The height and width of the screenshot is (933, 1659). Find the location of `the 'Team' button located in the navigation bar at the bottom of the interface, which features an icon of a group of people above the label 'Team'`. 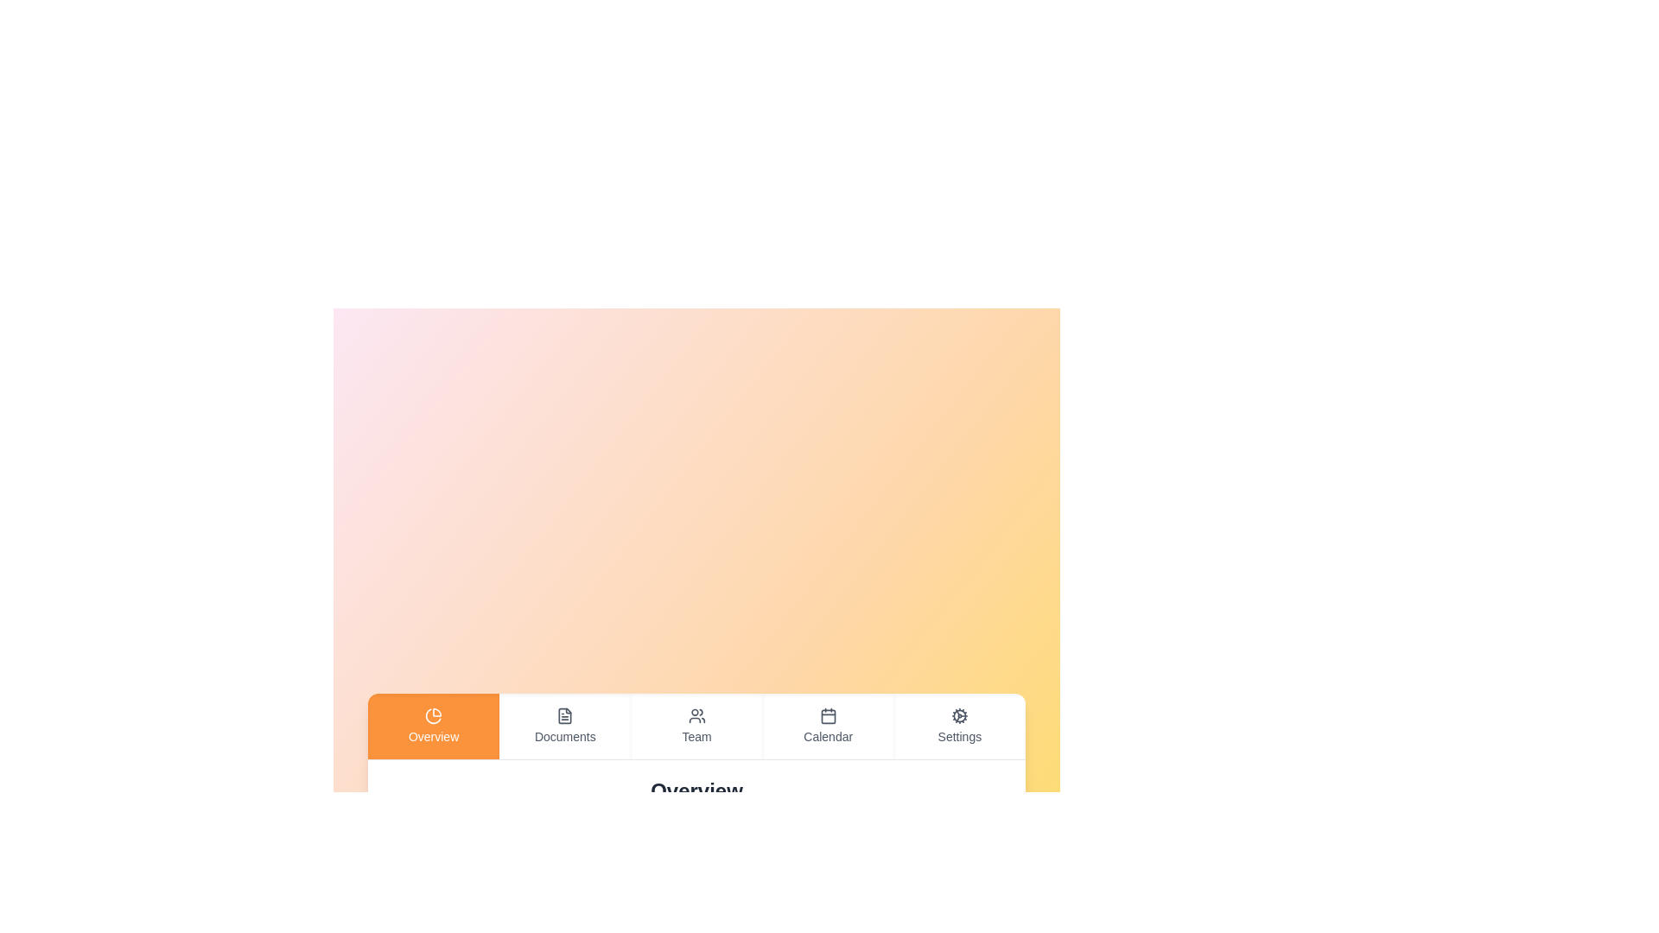

the 'Team' button located in the navigation bar at the bottom of the interface, which features an icon of a group of people above the label 'Team' is located at coordinates (696, 726).